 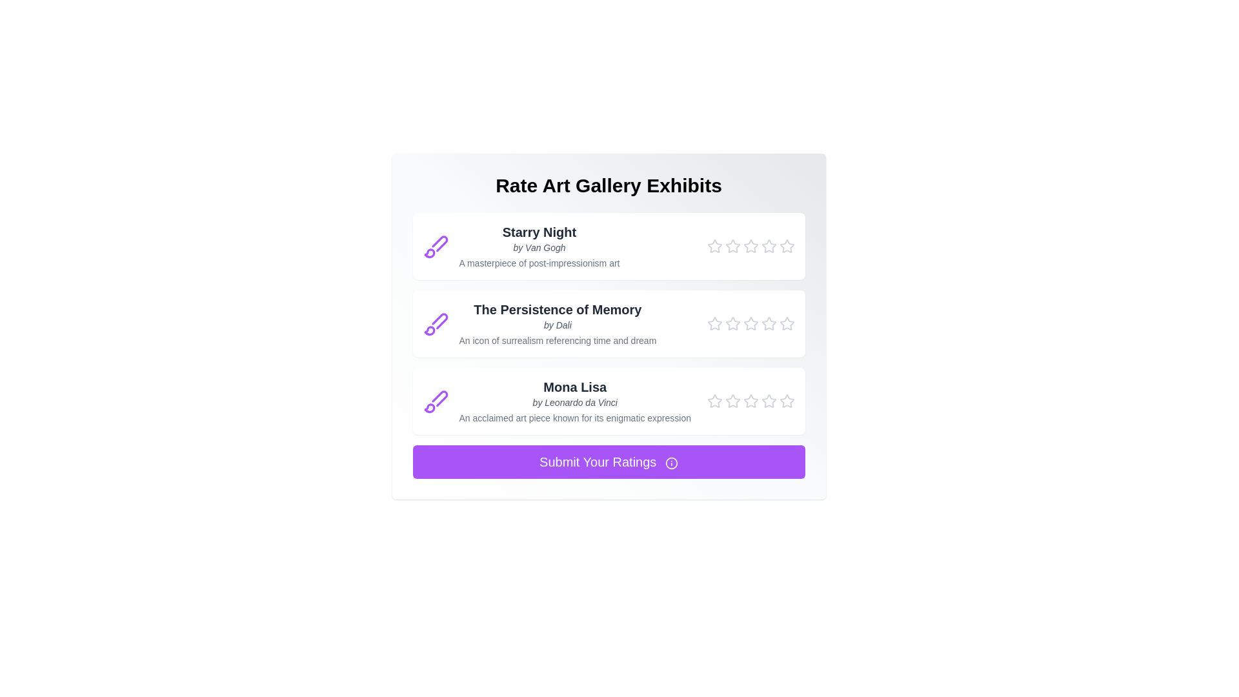 What do you see at coordinates (786, 246) in the screenshot?
I see `the star corresponding to 5 stars to preview the rating` at bounding box center [786, 246].